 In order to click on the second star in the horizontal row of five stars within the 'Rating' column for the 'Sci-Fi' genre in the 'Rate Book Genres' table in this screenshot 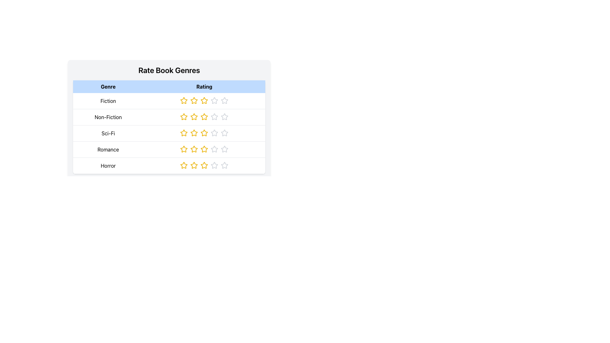, I will do `click(184, 133)`.